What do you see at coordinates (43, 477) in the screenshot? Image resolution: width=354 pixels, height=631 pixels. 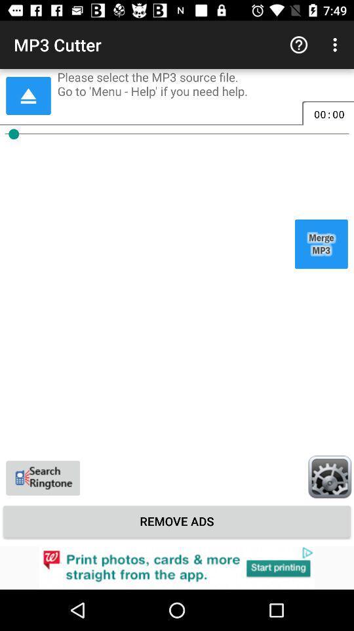 I see `search` at bounding box center [43, 477].